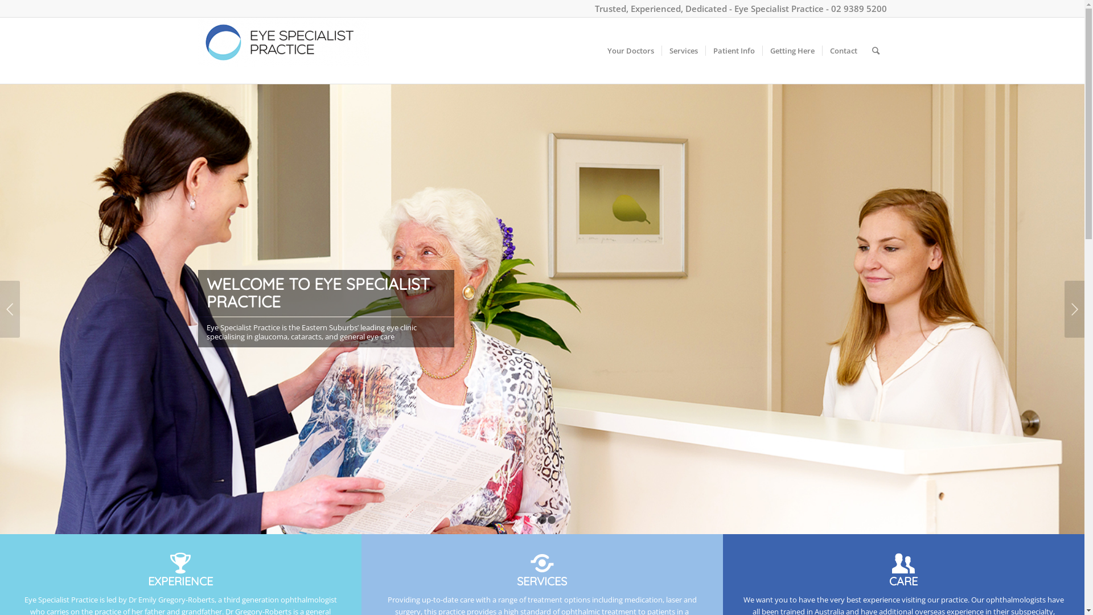  Describe the element at coordinates (683, 50) in the screenshot. I see `'Services'` at that location.